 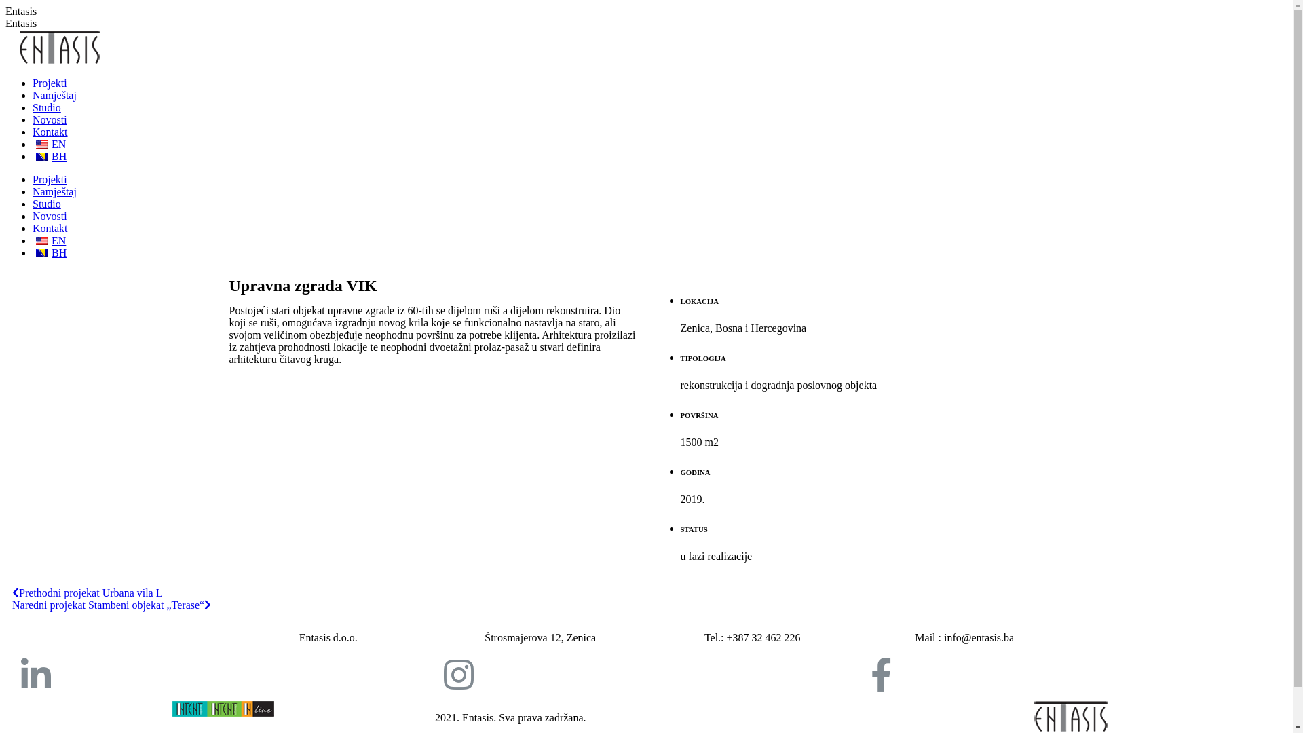 What do you see at coordinates (49, 155) in the screenshot?
I see `'BH'` at bounding box center [49, 155].